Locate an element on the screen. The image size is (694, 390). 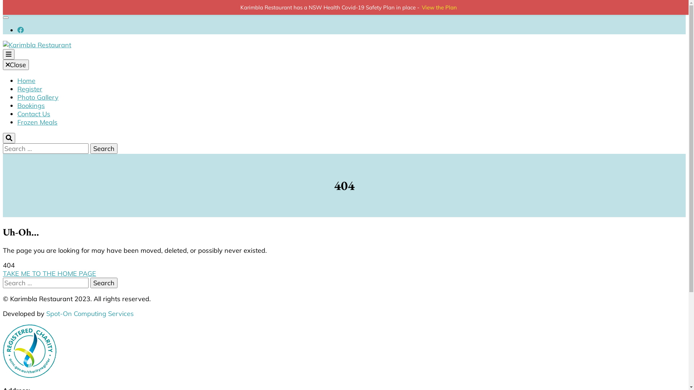
'Photo Gallery' is located at coordinates (38, 97).